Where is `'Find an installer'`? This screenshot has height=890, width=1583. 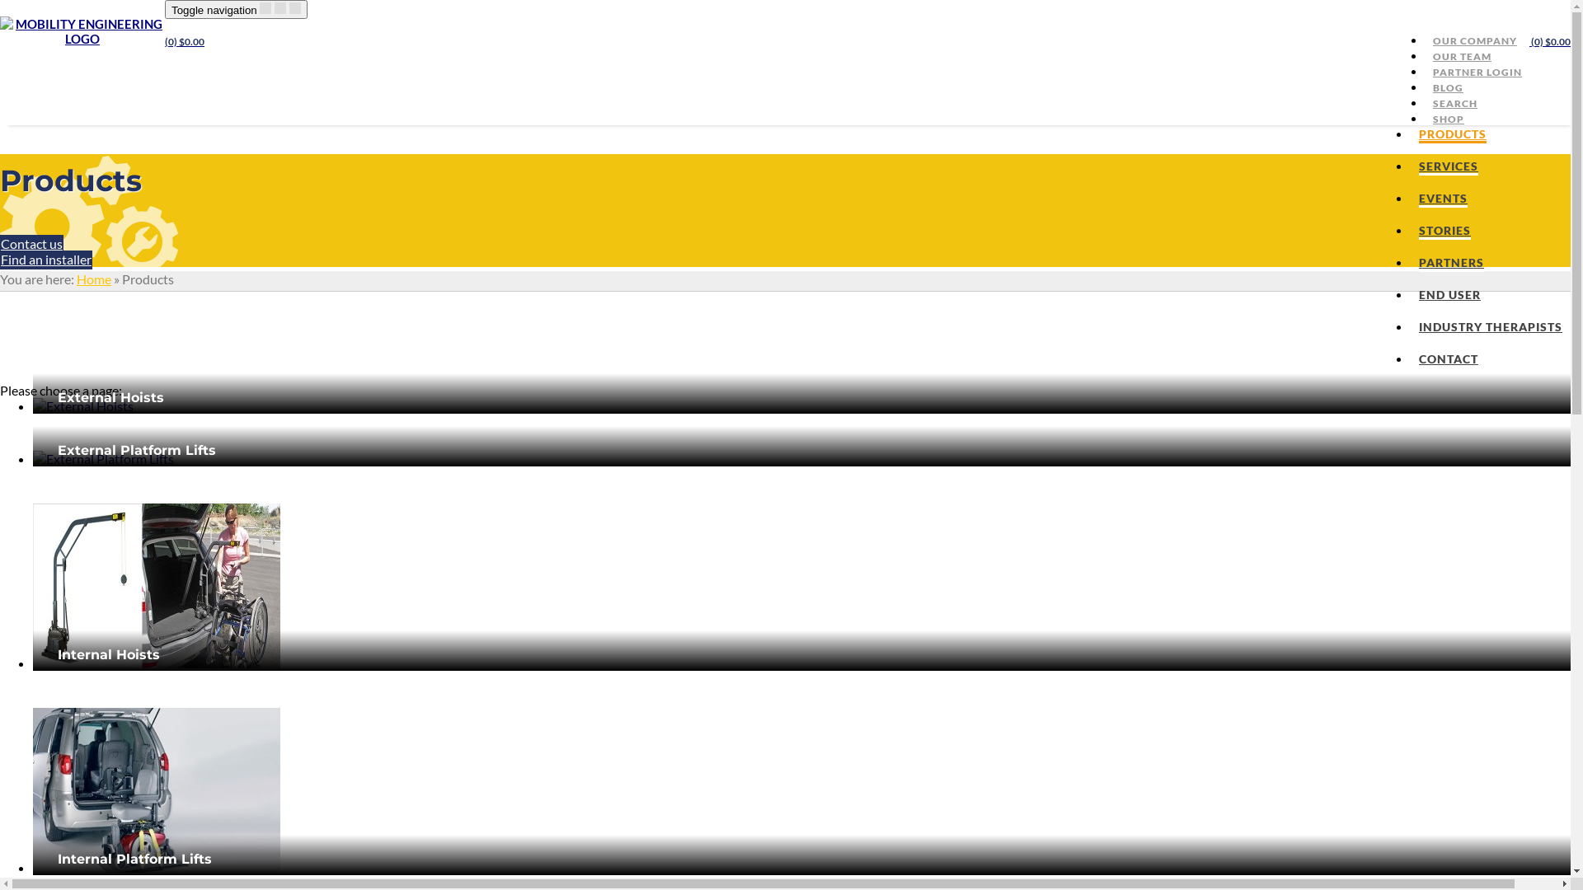 'Find an installer' is located at coordinates (46, 260).